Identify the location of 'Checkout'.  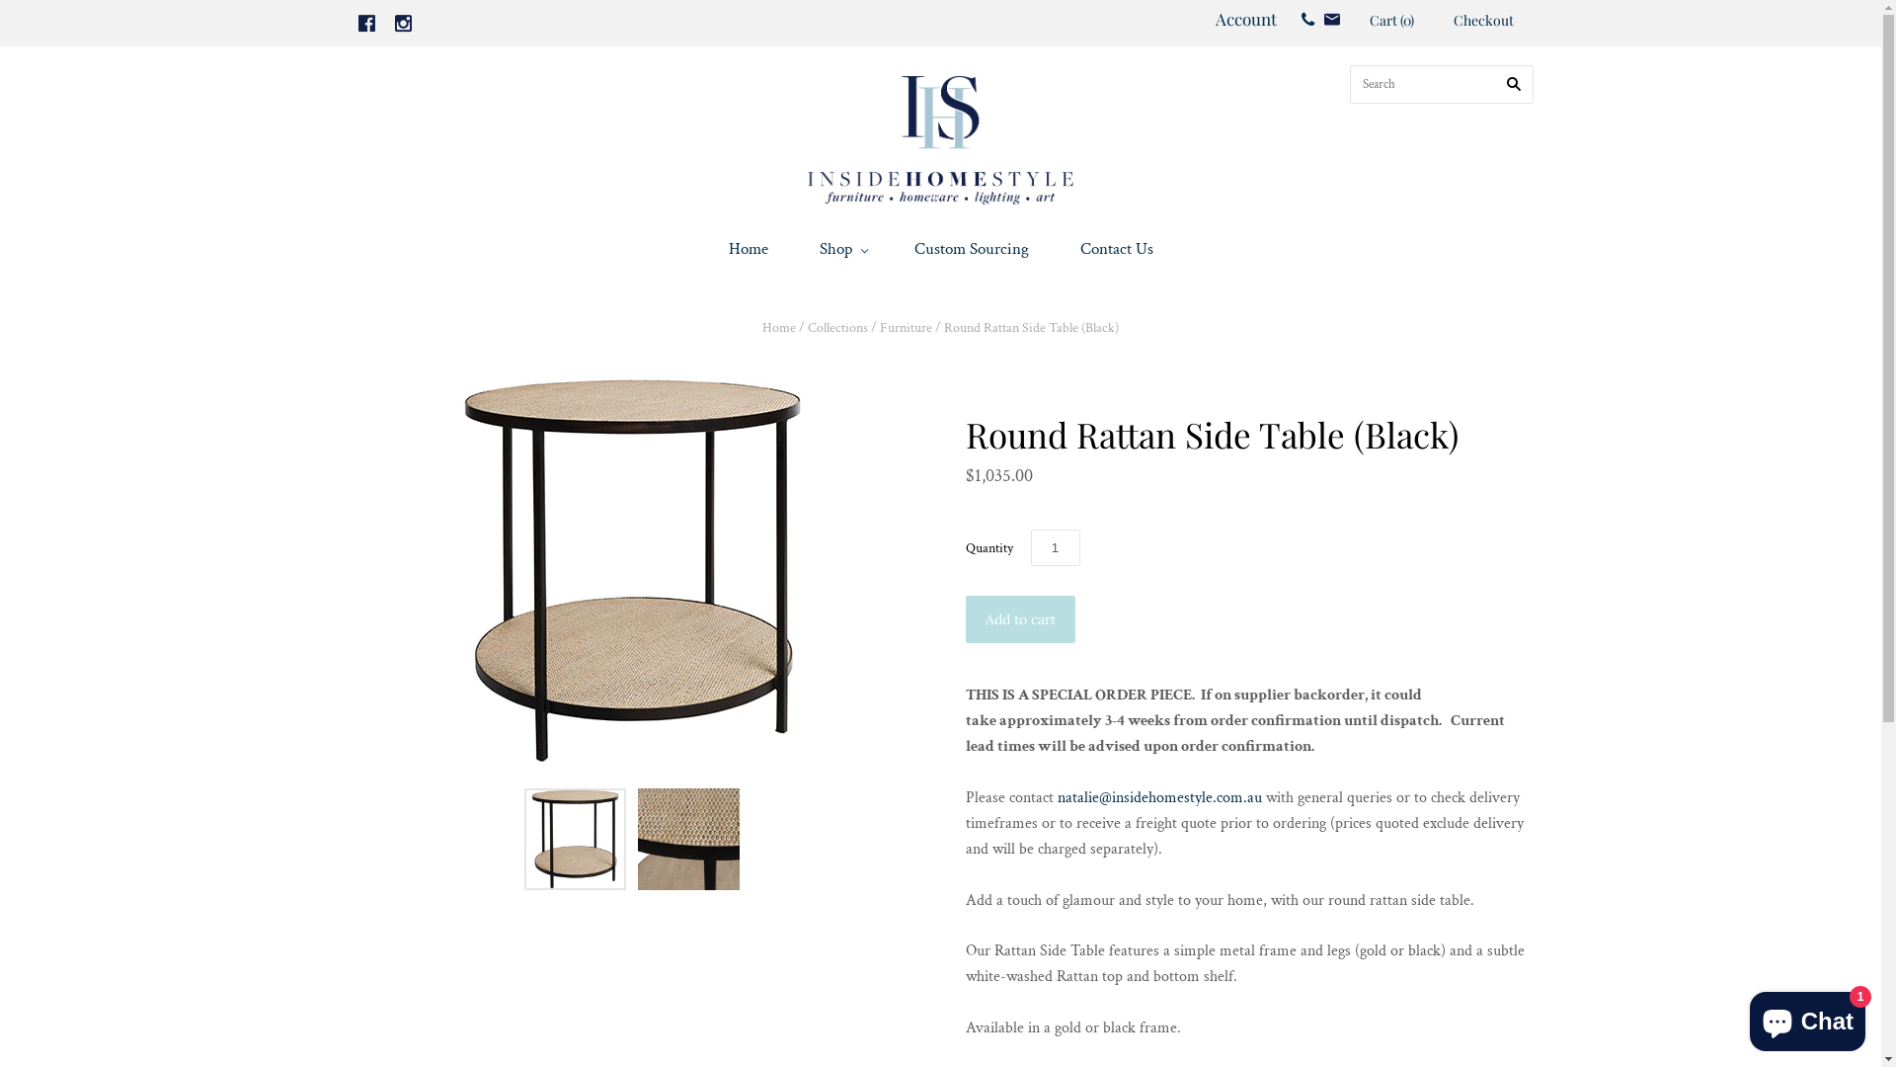
(1433, 21).